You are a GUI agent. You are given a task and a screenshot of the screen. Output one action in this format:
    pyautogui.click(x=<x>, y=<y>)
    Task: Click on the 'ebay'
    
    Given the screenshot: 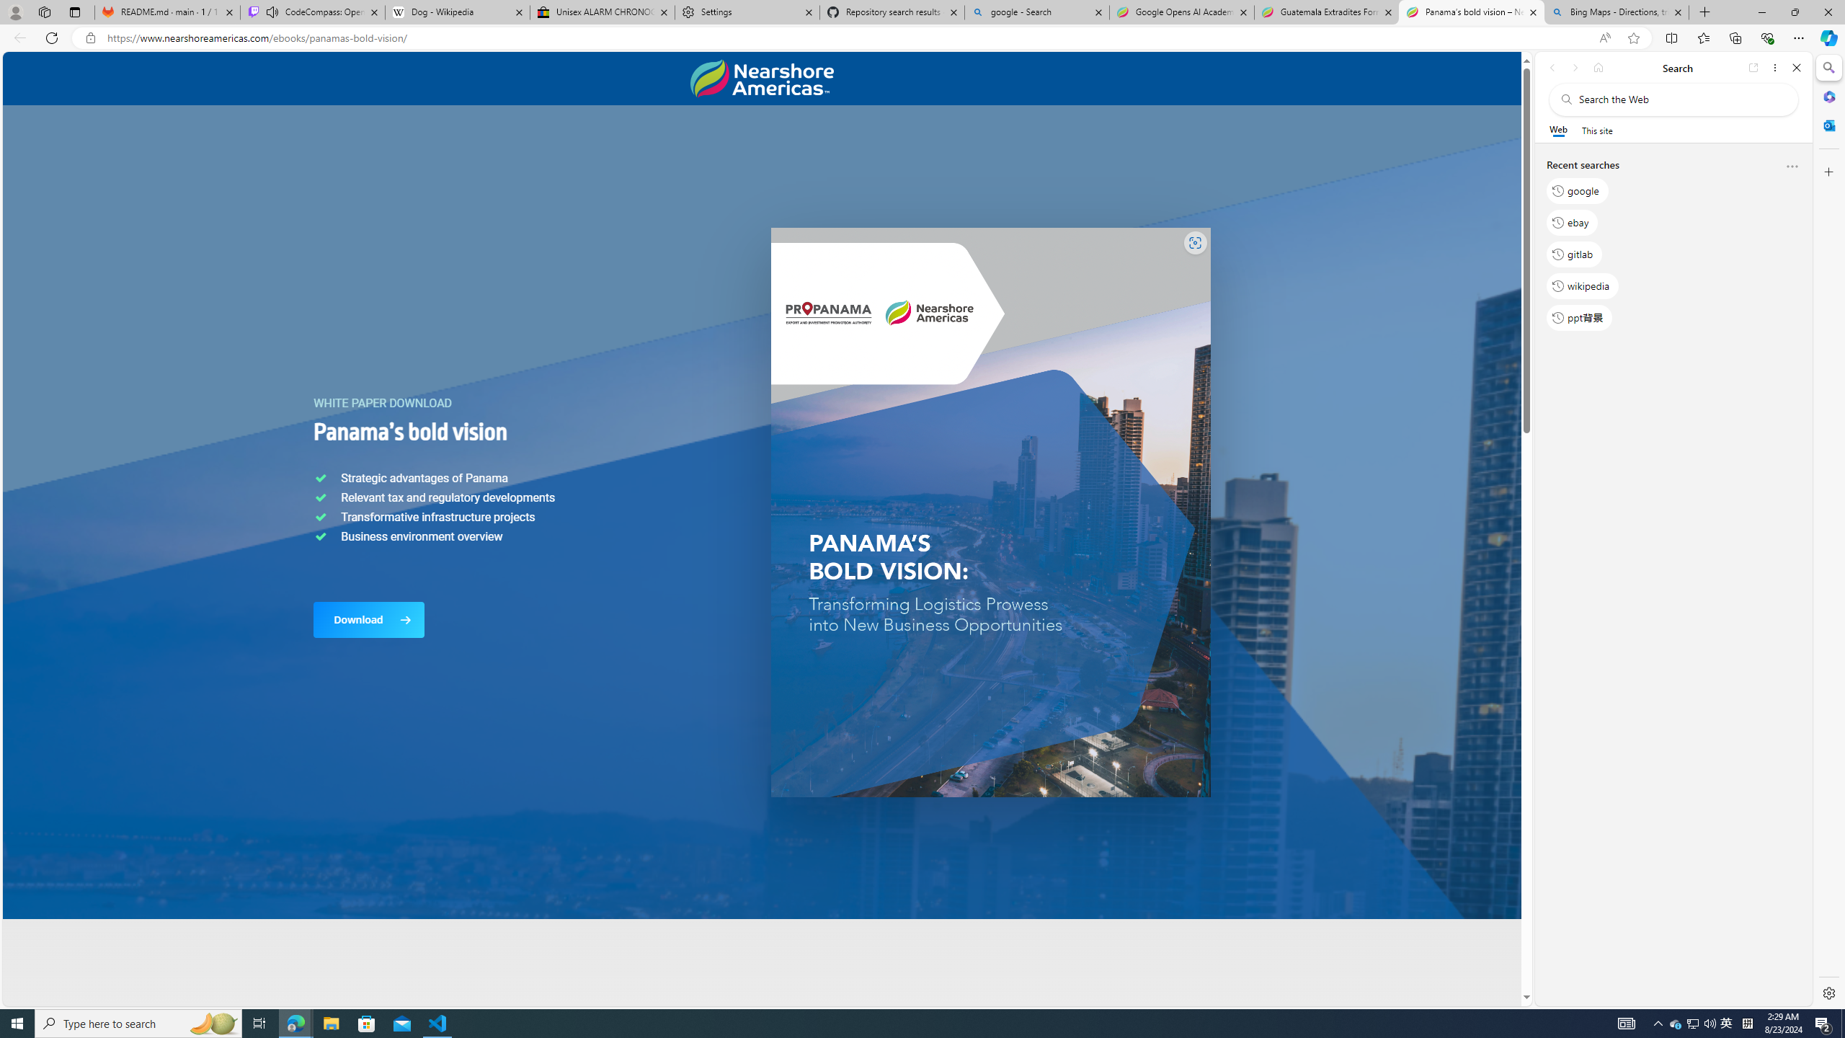 What is the action you would take?
    pyautogui.click(x=1571, y=221)
    